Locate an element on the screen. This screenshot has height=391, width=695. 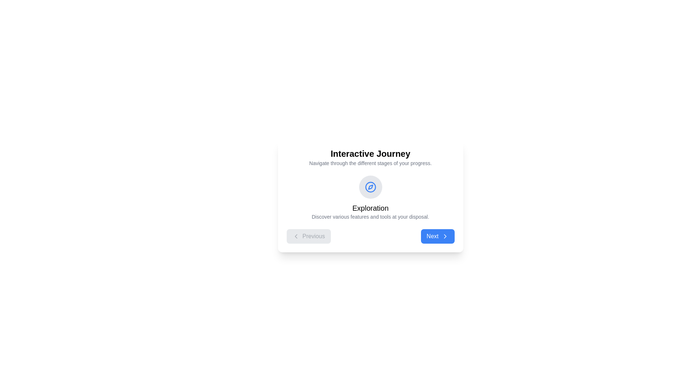
the 'Previous' button located at the bottom-left corner of the interface is located at coordinates (313, 236).